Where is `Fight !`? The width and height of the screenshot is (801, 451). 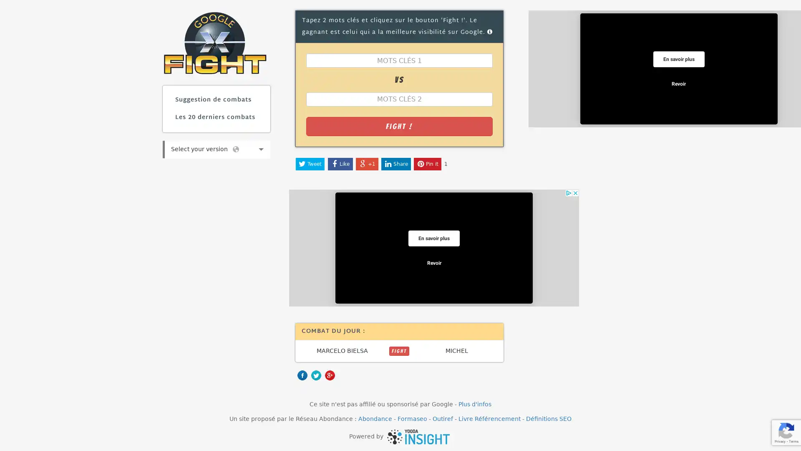
Fight ! is located at coordinates (398, 126).